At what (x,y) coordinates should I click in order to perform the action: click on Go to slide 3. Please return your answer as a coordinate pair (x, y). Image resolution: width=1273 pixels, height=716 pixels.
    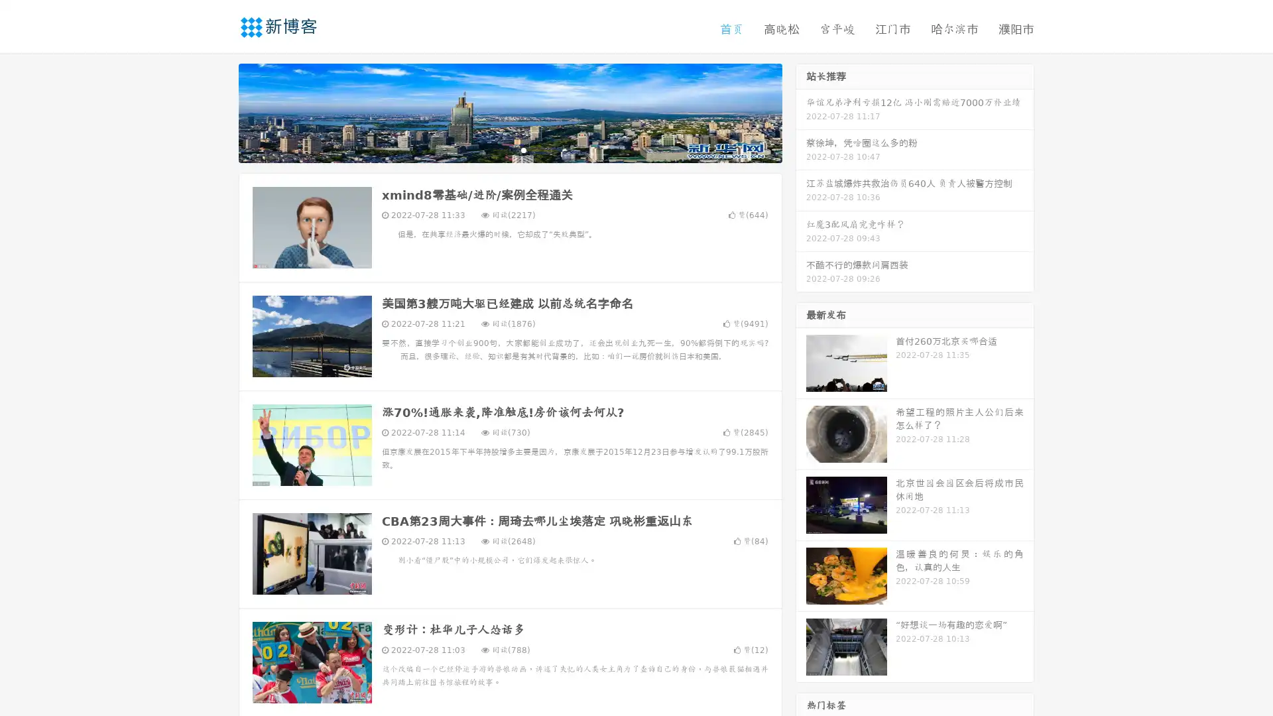
    Looking at the image, I should click on (523, 149).